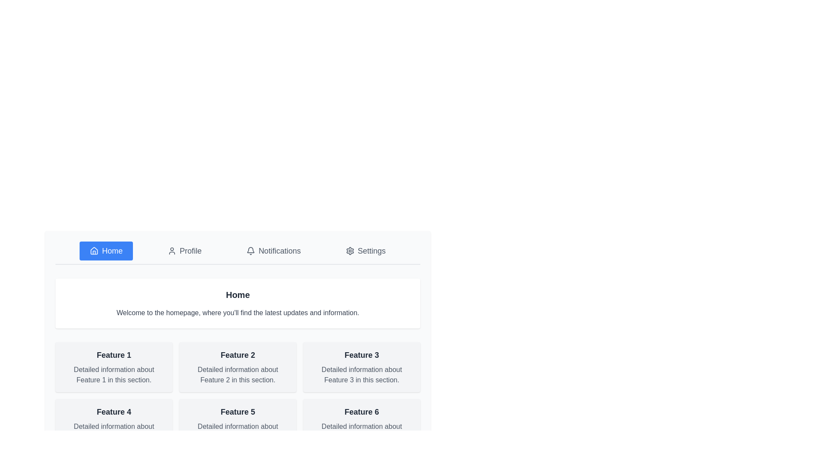 This screenshot has height=465, width=826. I want to click on descriptive information provided by the text label located at the bottom of the 'Feature 4' card, which elaborates on the header 'Feature 4', so click(113, 431).